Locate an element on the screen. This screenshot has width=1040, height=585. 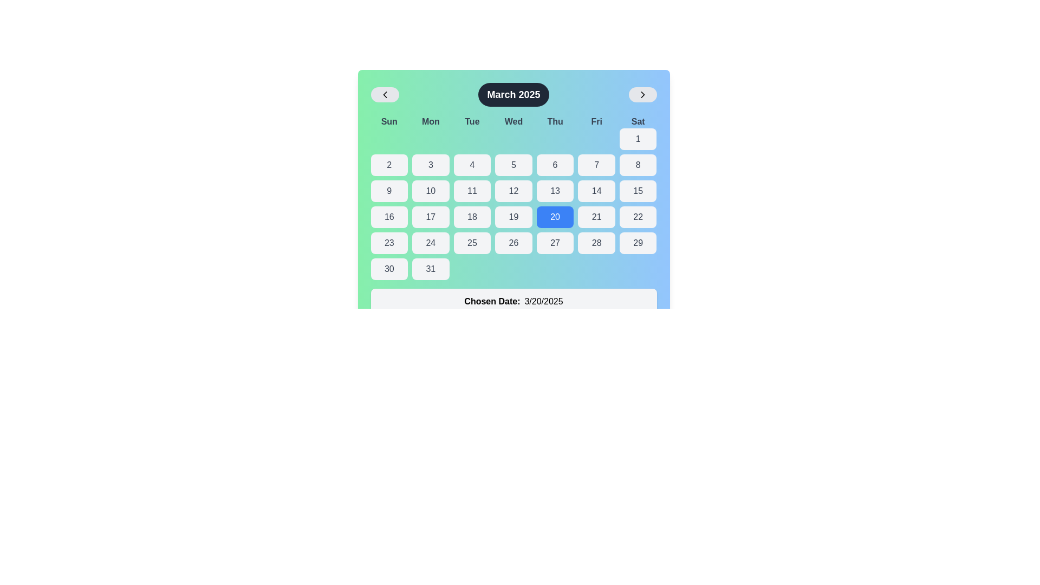
the text display element that shows 'Chosen Date: 3/20/2025', which is styled with bold text for 'Chosen Date:' and standard text for the date, located below the calendar grid is located at coordinates (513, 301).